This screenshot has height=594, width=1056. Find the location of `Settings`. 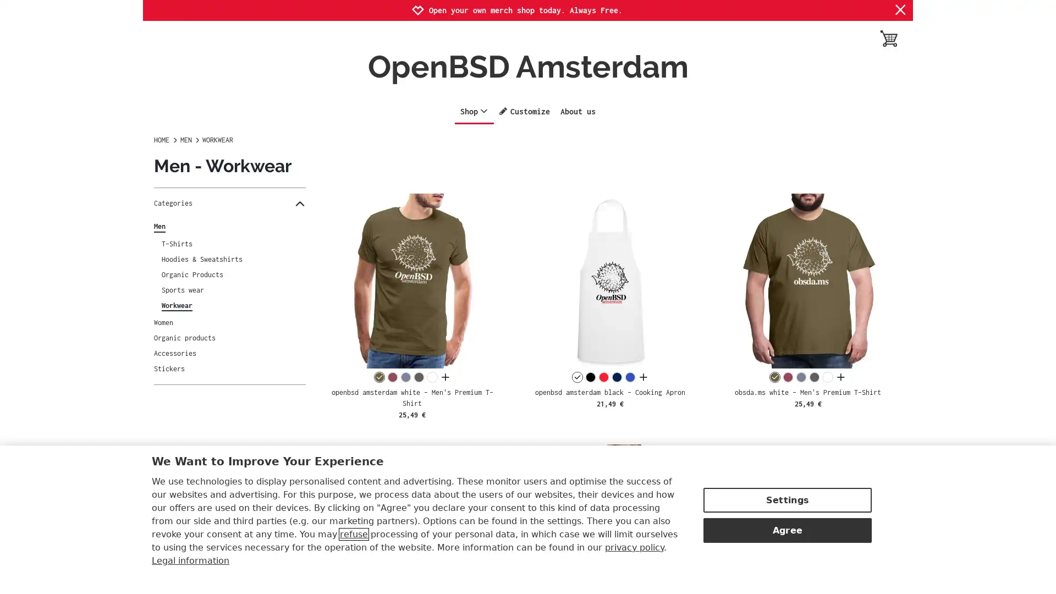

Settings is located at coordinates (787, 500).